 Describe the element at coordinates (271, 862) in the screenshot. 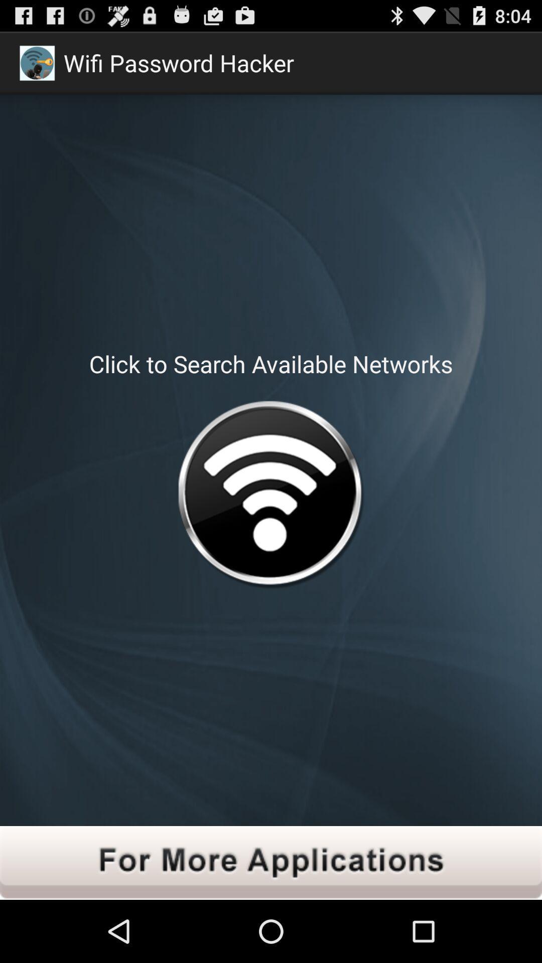

I see `button at the bottom` at that location.